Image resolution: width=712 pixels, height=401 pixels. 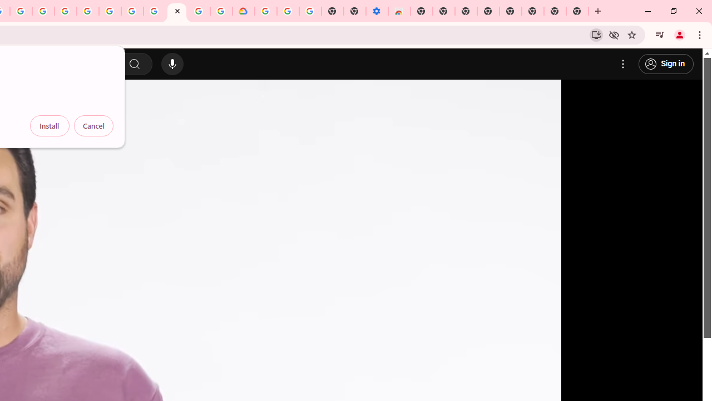 What do you see at coordinates (377, 11) in the screenshot?
I see `'Settings - Accessibility'` at bounding box center [377, 11].